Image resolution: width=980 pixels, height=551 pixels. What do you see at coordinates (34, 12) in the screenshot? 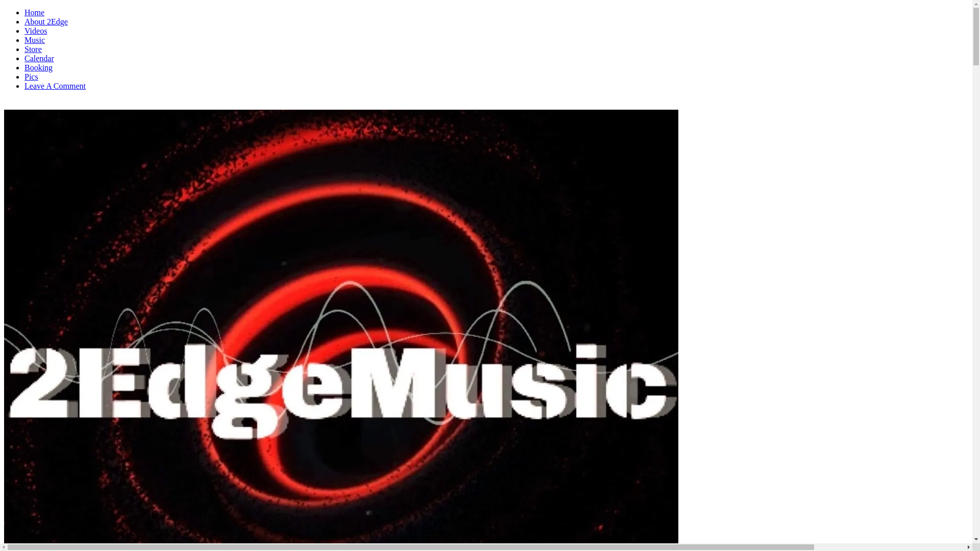
I see `'Home'` at bounding box center [34, 12].